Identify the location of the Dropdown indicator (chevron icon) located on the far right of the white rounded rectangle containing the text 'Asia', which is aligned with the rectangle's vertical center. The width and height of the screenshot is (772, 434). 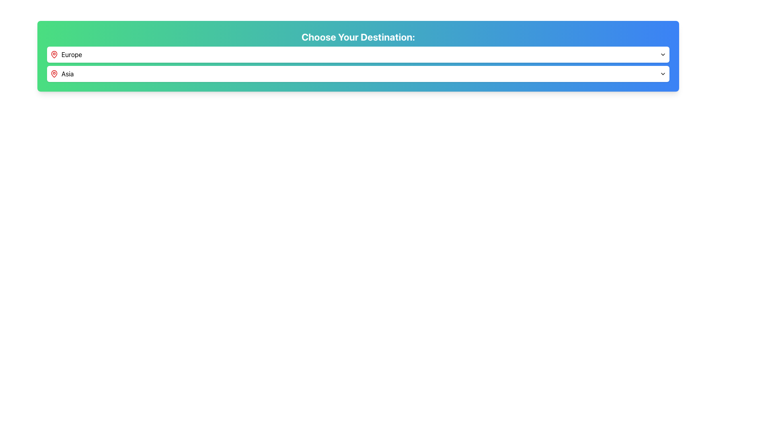
(663, 74).